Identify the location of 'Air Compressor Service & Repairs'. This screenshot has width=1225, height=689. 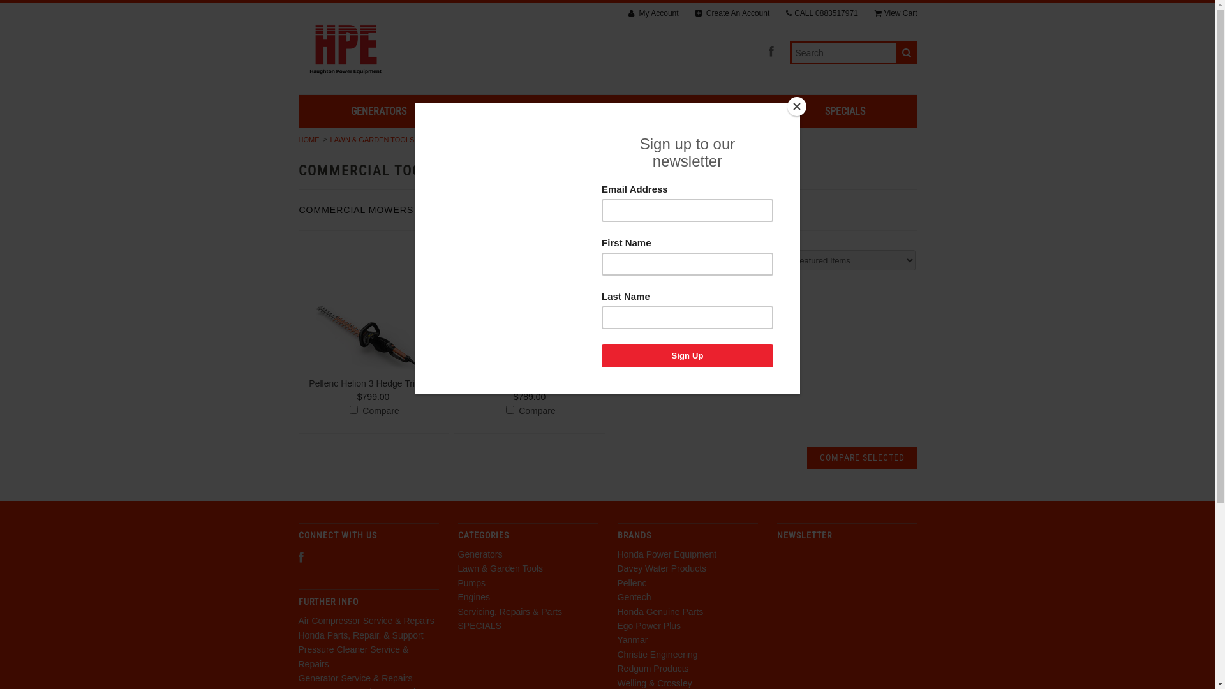
(297, 619).